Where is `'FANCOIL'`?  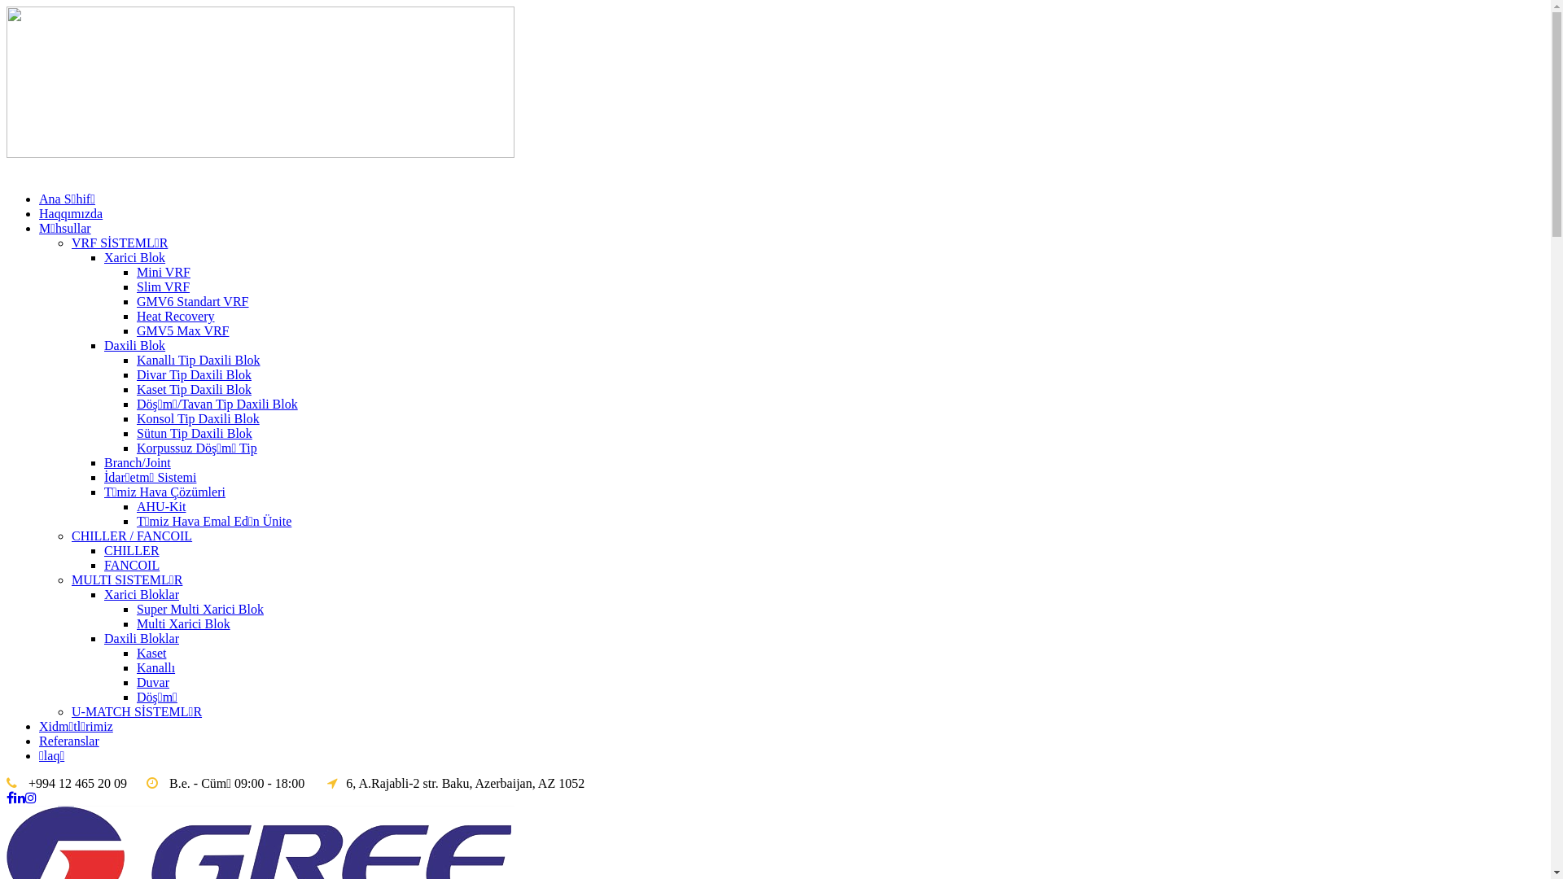
'FANCOIL' is located at coordinates (132, 564).